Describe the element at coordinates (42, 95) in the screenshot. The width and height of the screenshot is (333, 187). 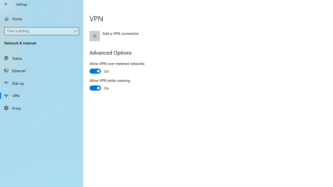
I see `'VPN'` at that location.